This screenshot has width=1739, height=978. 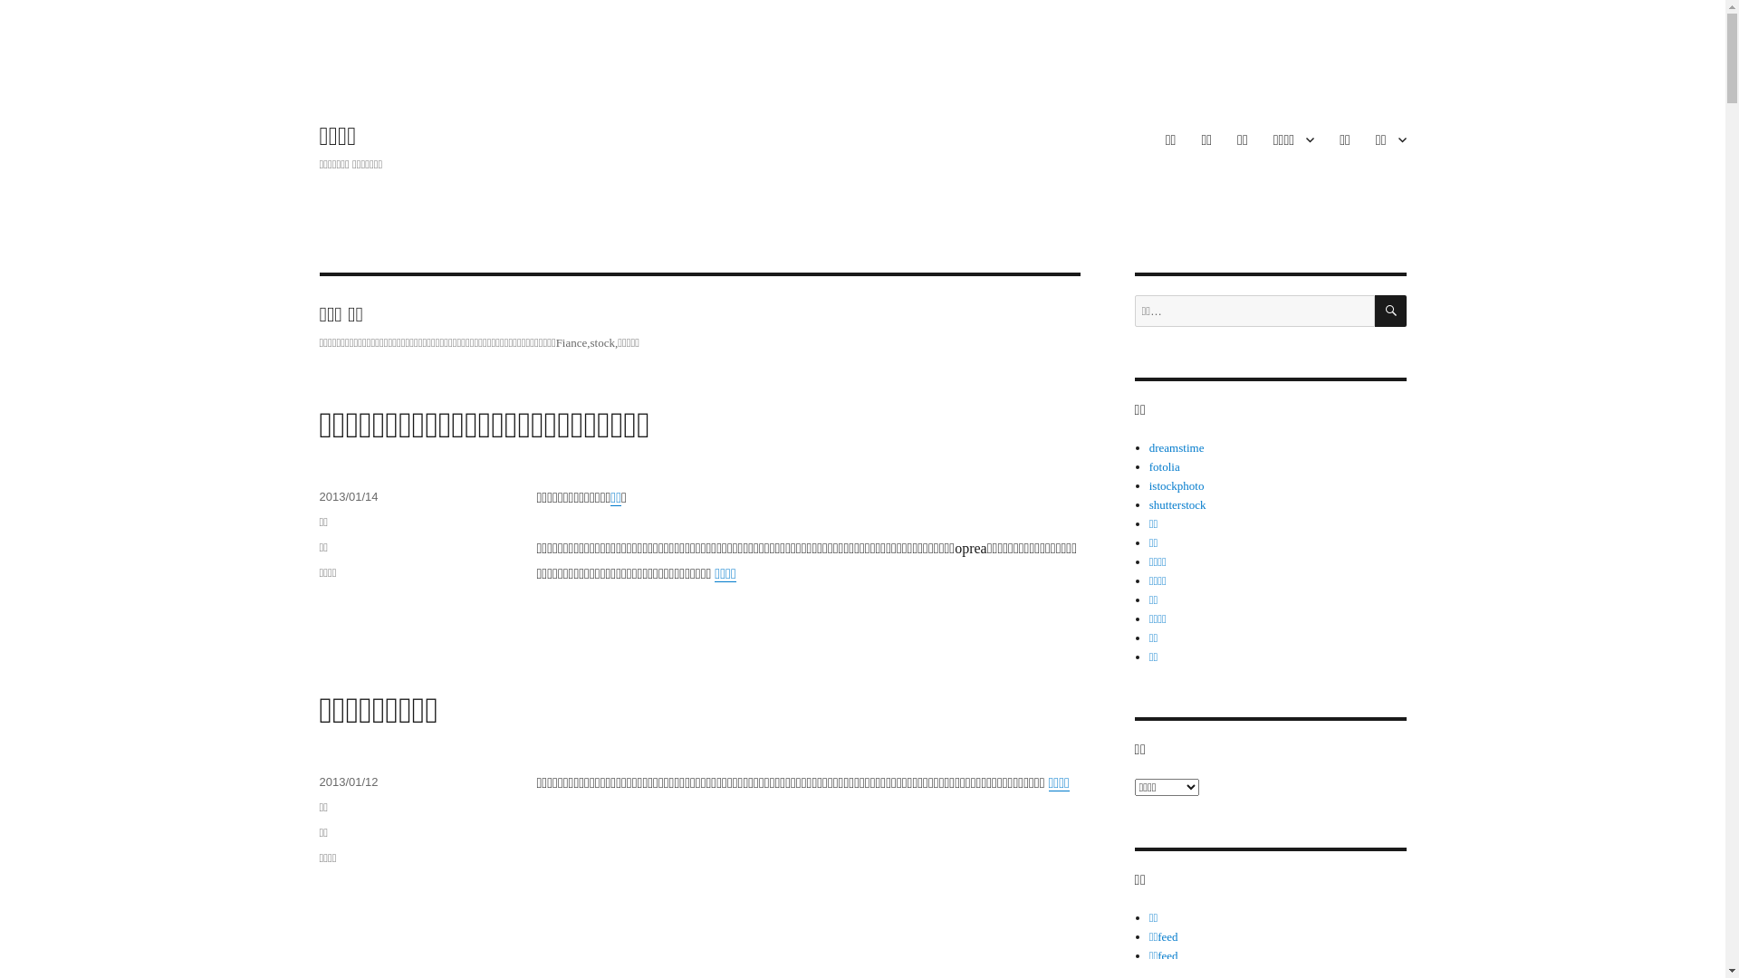 What do you see at coordinates (1148, 484) in the screenshot?
I see `'istockphoto'` at bounding box center [1148, 484].